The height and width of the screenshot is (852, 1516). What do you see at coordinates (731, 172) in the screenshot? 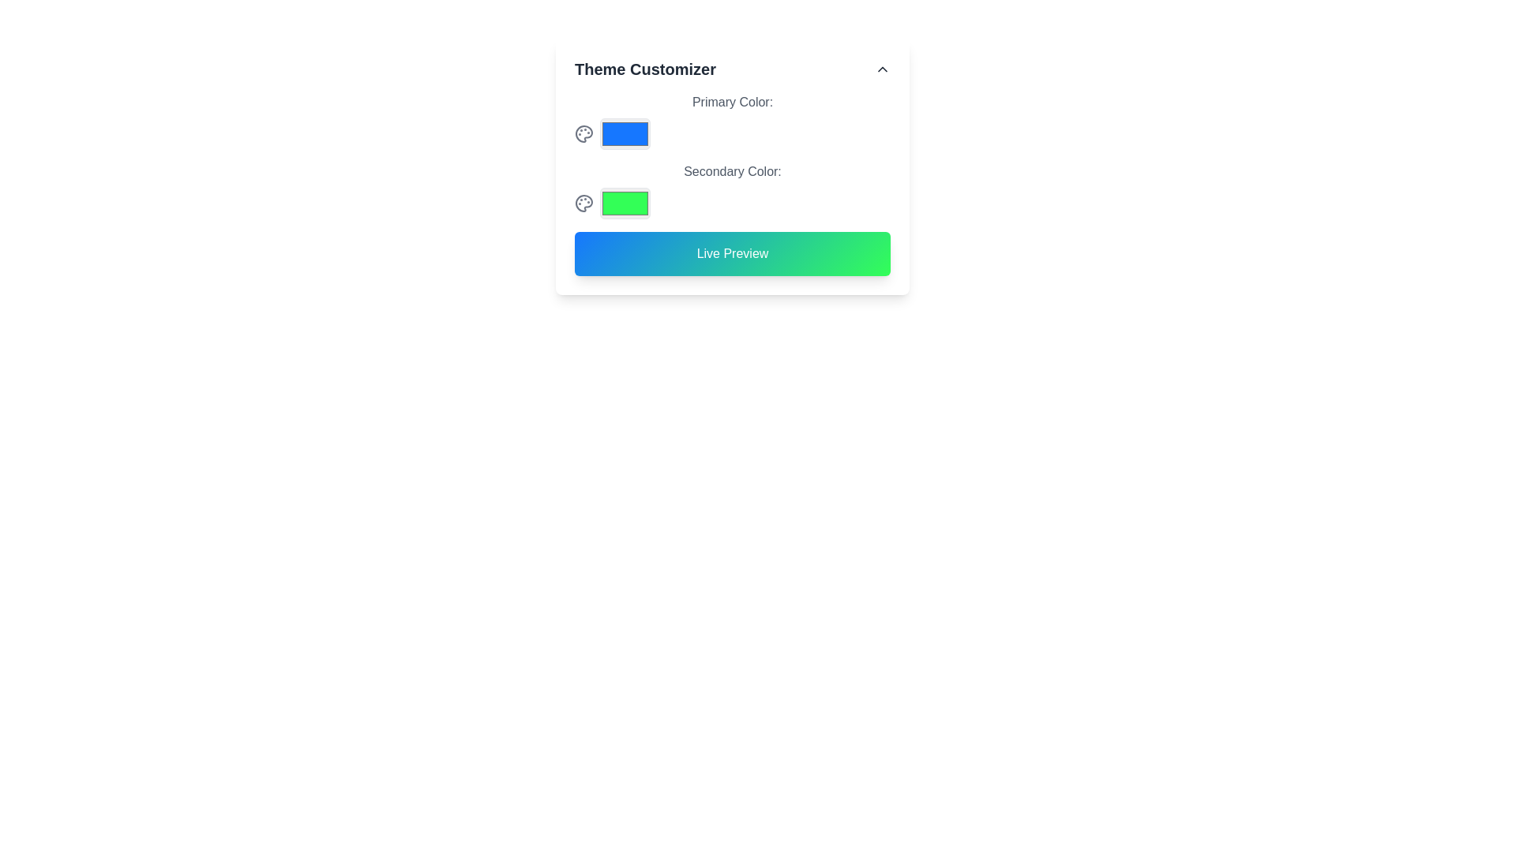
I see `the label indicating the secondary color input field, which is positioned beneath the 'Primary Color:' label` at bounding box center [731, 172].